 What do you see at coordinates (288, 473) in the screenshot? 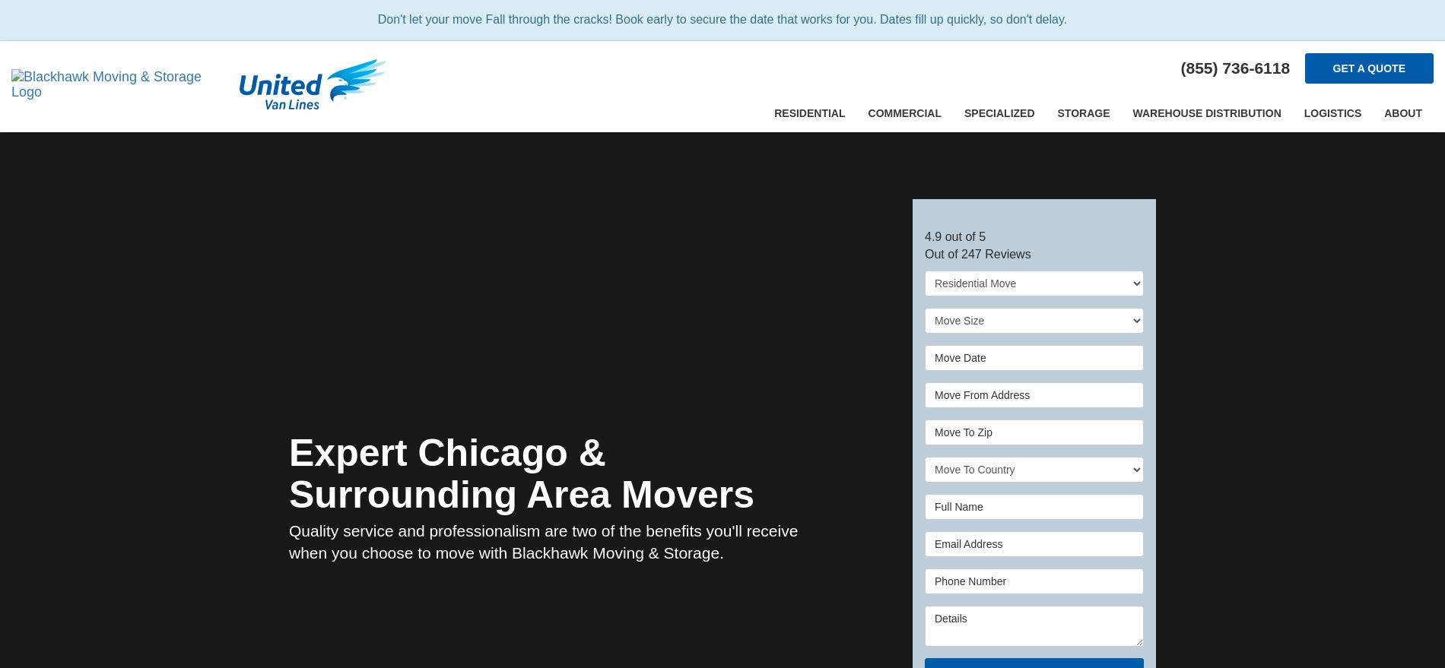
I see `'Expert Chicago & Surrounding Area Movers'` at bounding box center [288, 473].